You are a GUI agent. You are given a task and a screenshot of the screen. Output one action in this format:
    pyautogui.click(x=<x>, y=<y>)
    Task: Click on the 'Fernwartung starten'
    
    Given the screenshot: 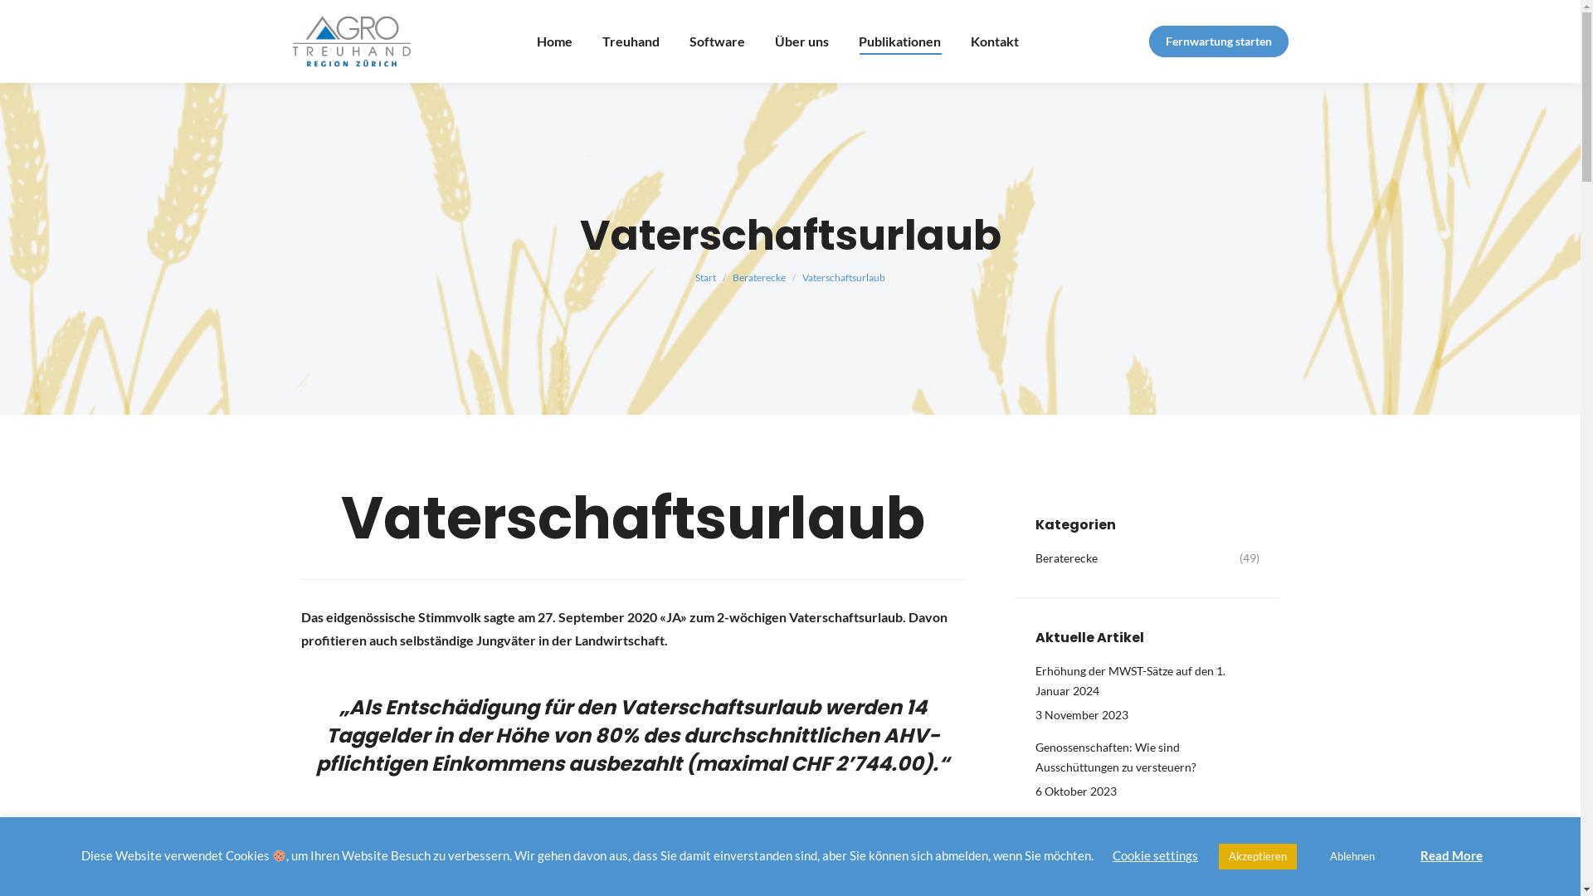 What is the action you would take?
    pyautogui.click(x=1218, y=41)
    